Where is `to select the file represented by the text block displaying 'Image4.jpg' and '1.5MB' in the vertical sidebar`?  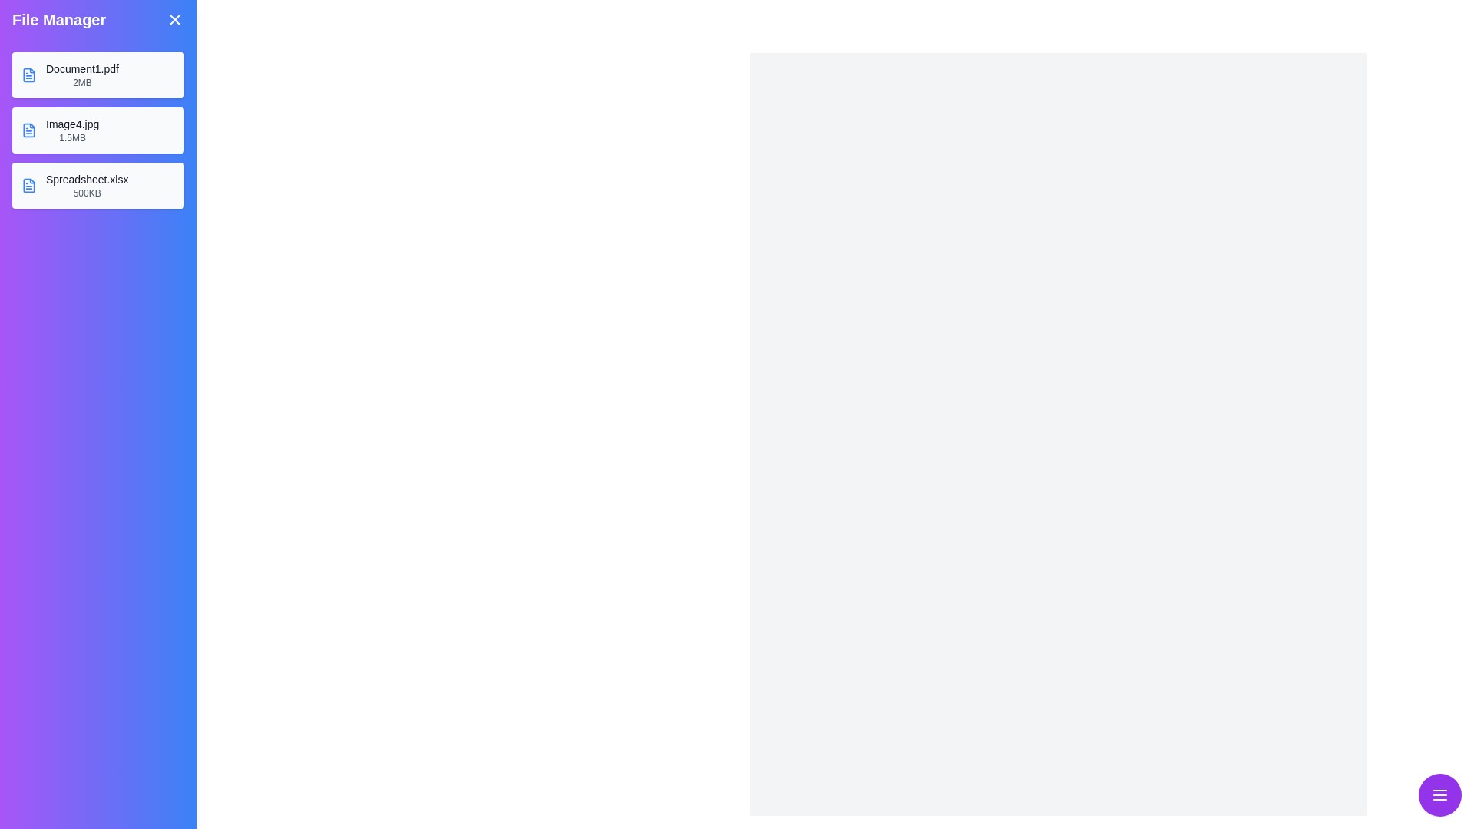 to select the file represented by the text block displaying 'Image4.jpg' and '1.5MB' in the vertical sidebar is located at coordinates (71, 129).